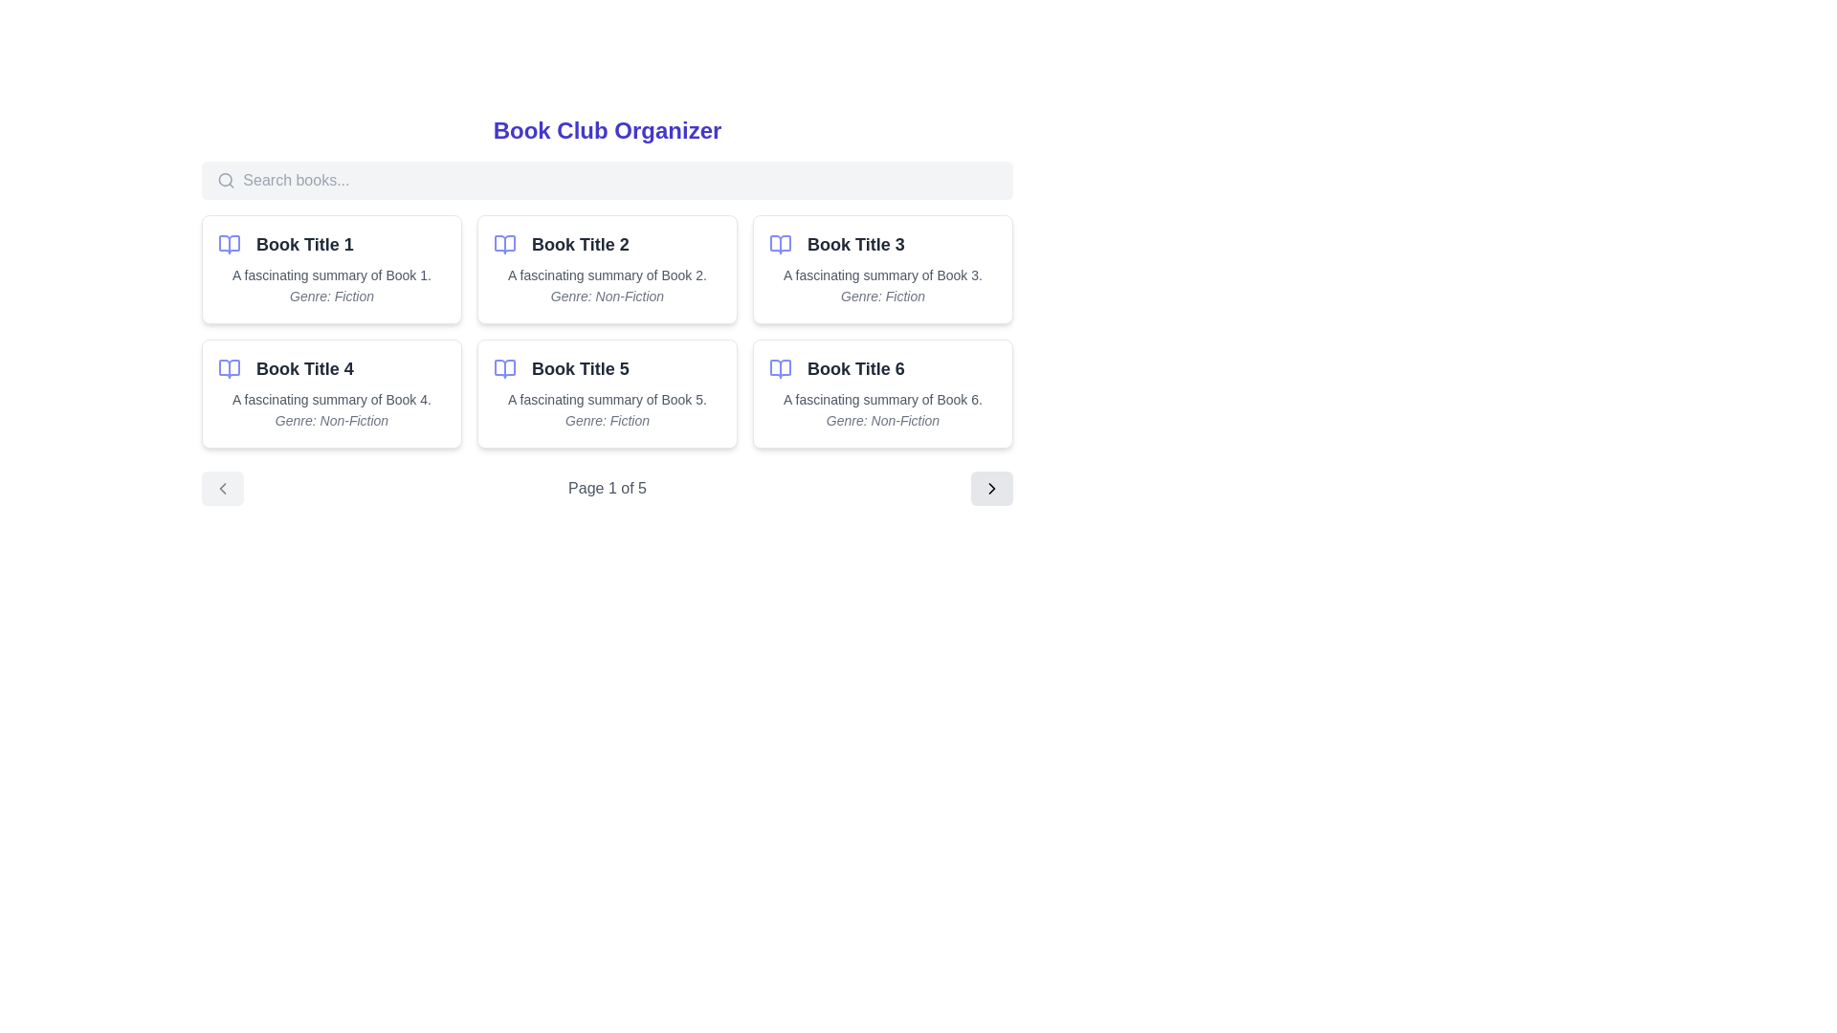 This screenshot has width=1837, height=1033. Describe the element at coordinates (505, 368) in the screenshot. I see `the open book icon located to the left of the text 'Book Title 5' in the second row of the book grid` at that location.